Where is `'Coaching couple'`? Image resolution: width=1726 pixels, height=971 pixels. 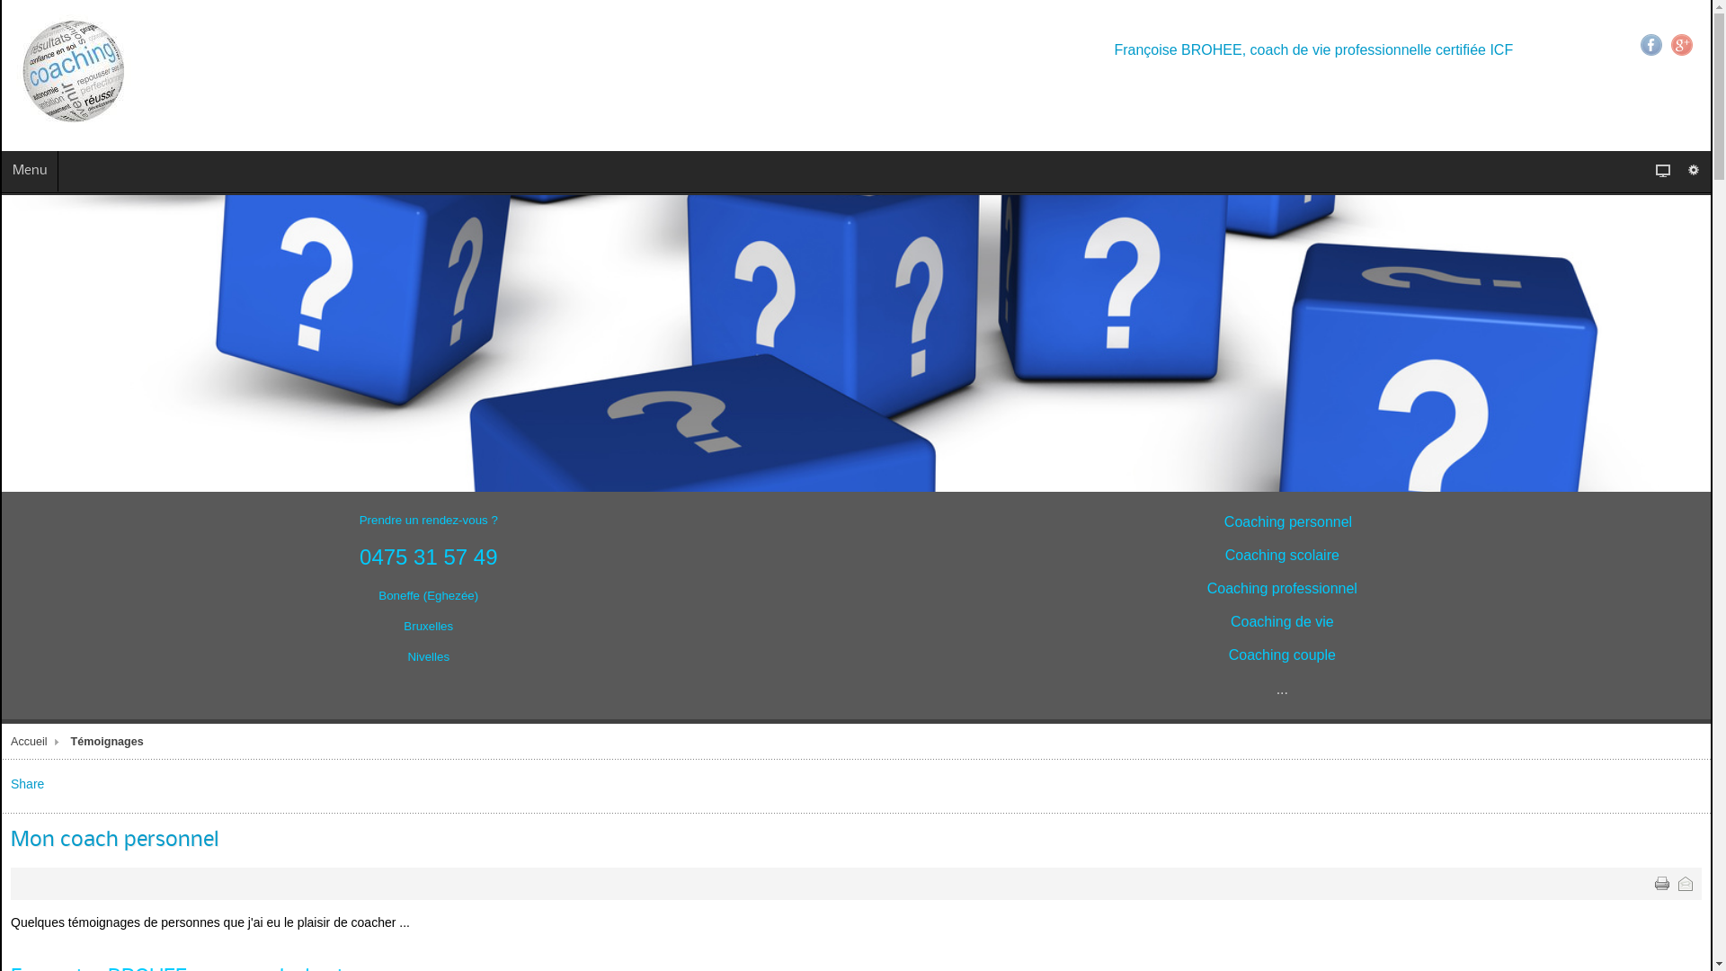 'Coaching couple' is located at coordinates (1228, 655).